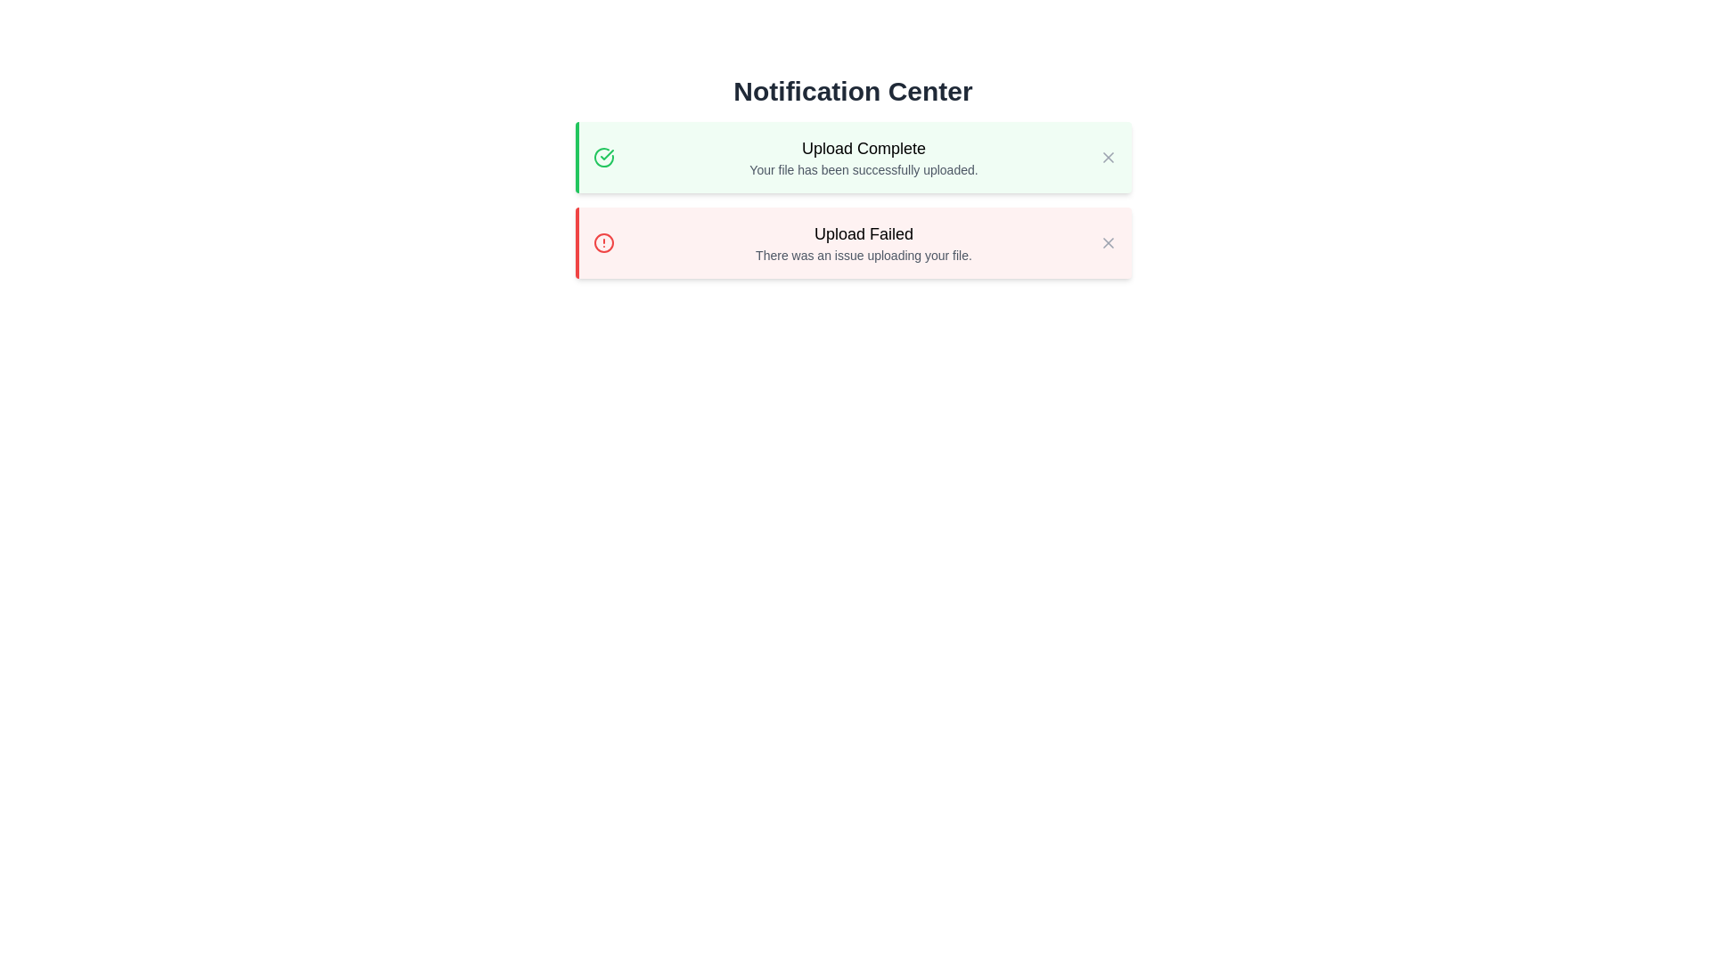  What do you see at coordinates (864, 170) in the screenshot?
I see `the text label that informs the user of the successful upload of their file, located within the notification titled 'Upload Complete', positioned below the bold heading` at bounding box center [864, 170].